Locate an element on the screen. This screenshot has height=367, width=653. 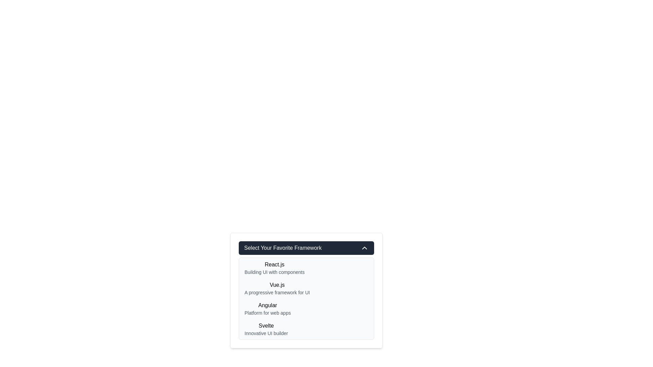
the first list item displaying 'React.js' to trigger the hover effect is located at coordinates (306, 268).